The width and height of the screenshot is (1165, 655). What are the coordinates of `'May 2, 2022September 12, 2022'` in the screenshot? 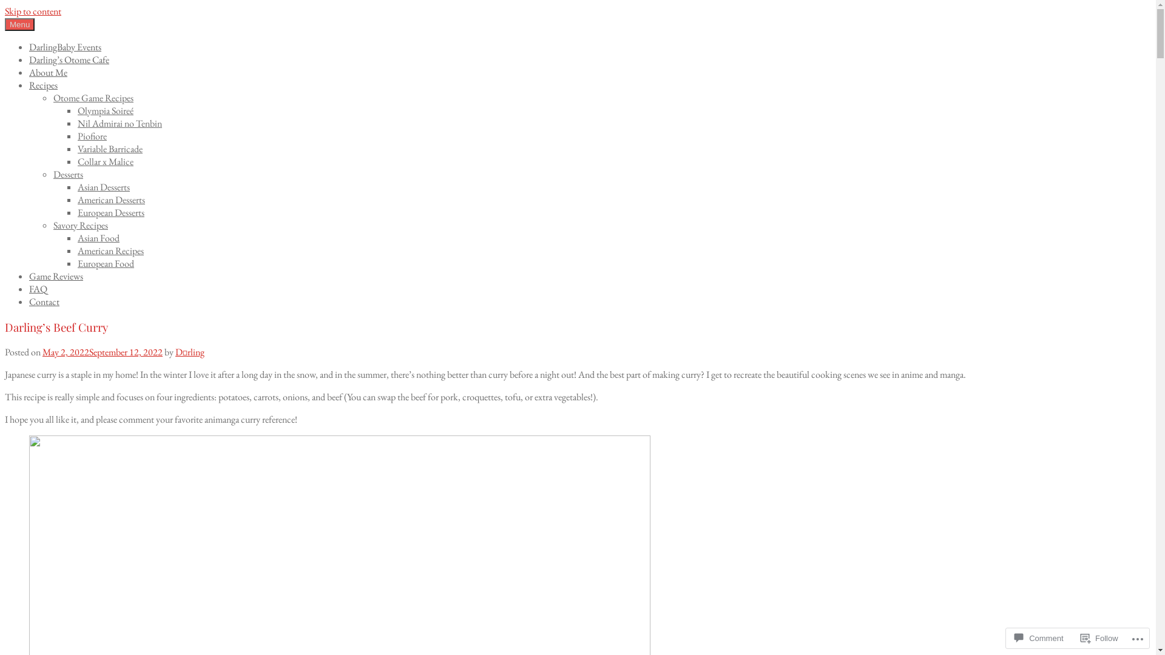 It's located at (102, 352).